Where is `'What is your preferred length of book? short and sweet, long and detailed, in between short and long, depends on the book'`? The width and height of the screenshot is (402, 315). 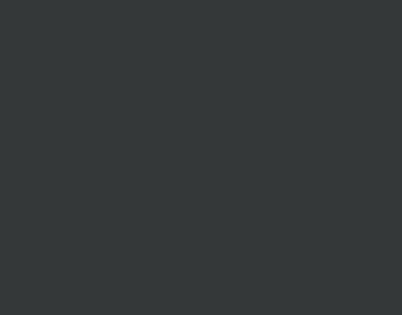
'What is your preferred length of book? short and sweet, long and detailed, in between short and long, depends on the book' is located at coordinates (250, 58).